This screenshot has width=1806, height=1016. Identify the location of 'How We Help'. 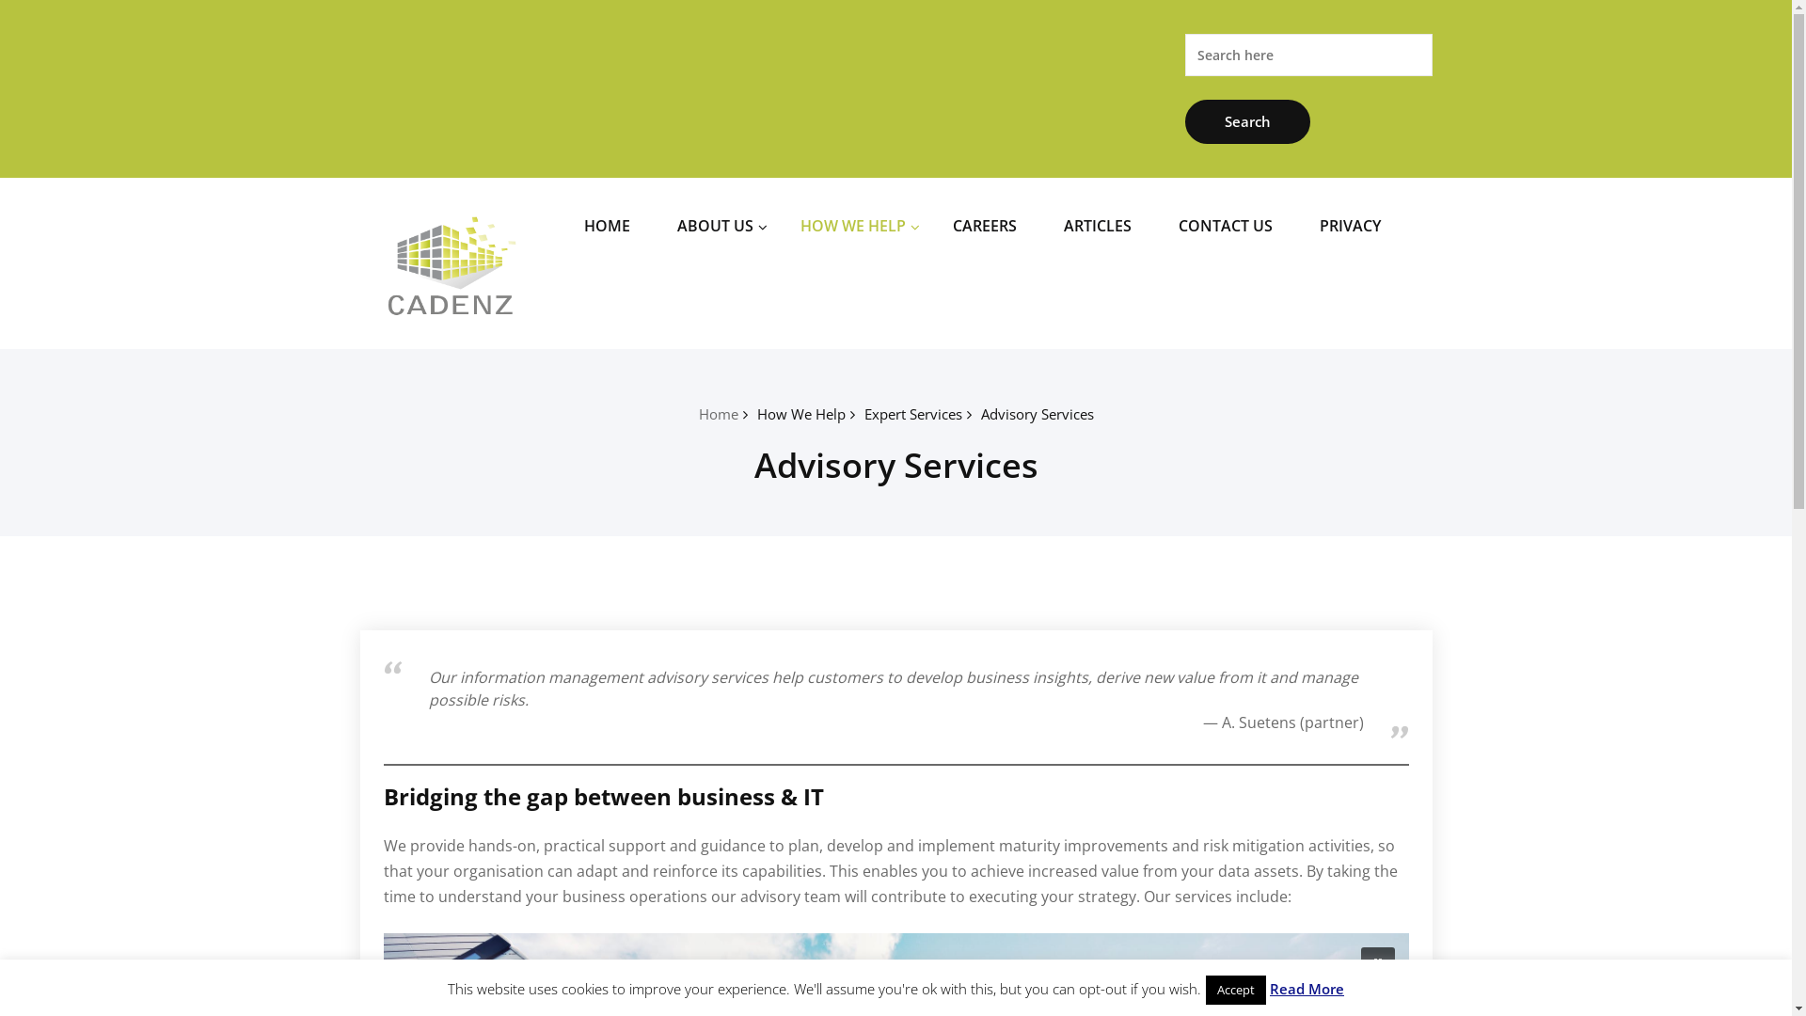
(800, 412).